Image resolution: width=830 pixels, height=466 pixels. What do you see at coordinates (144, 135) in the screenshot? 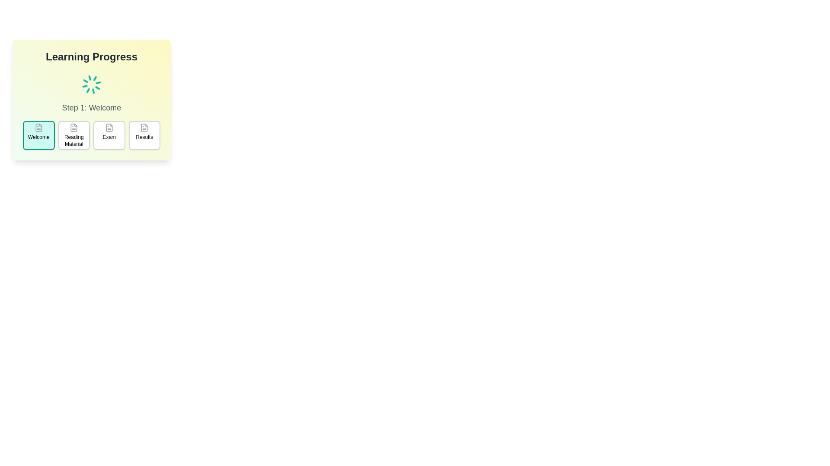
I see `the fourth button in the horizontal row under the 'Learning Progress' heading` at bounding box center [144, 135].